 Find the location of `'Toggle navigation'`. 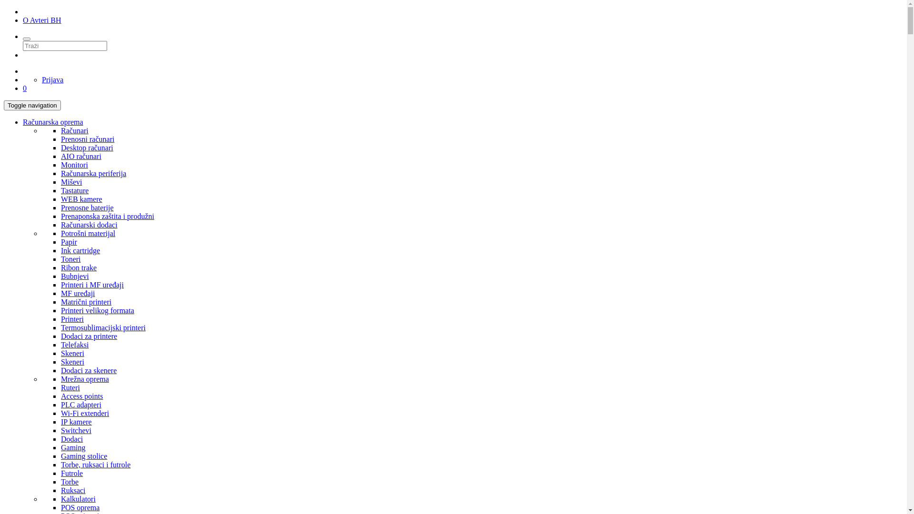

'Toggle navigation' is located at coordinates (32, 105).